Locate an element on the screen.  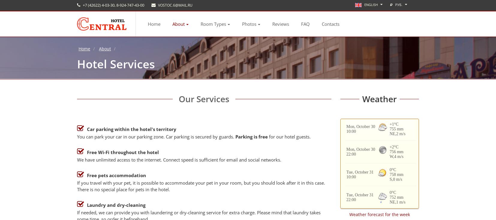
'VOSTOC.6@MAIL.RU' is located at coordinates (175, 5).